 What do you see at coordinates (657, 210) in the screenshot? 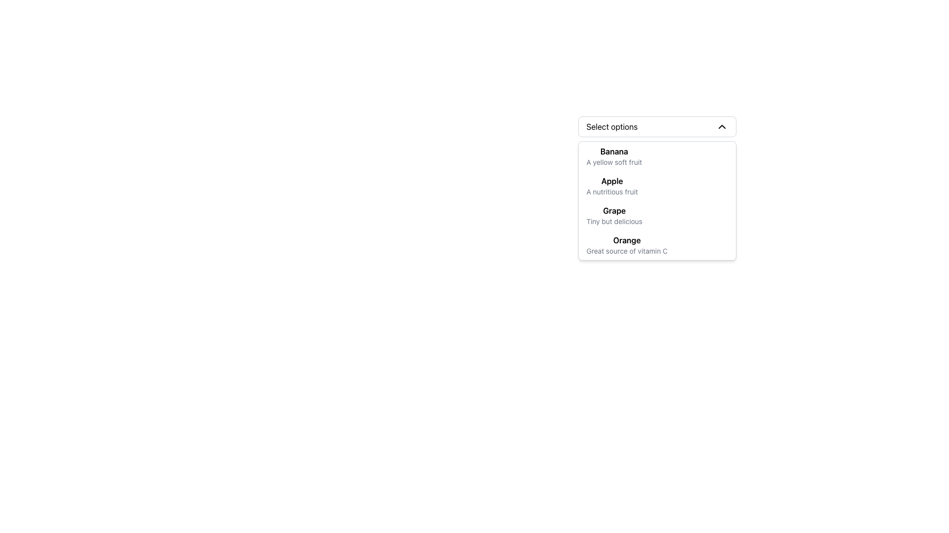
I see `to select the 'Grape' option from the dropdown menu, which is visually represented as the third option in the list, accompanied by the description 'Tiny but delicious'` at bounding box center [657, 210].